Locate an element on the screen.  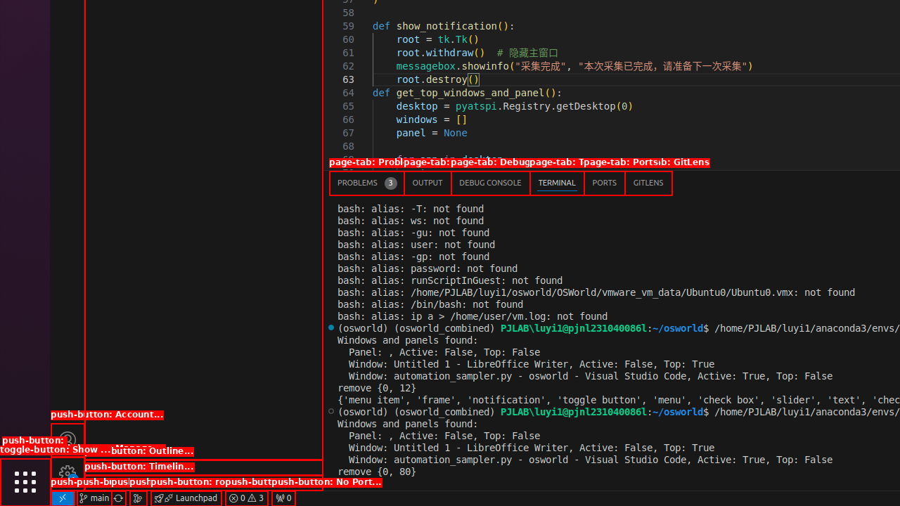
'Timeline Section' is located at coordinates (202, 482).